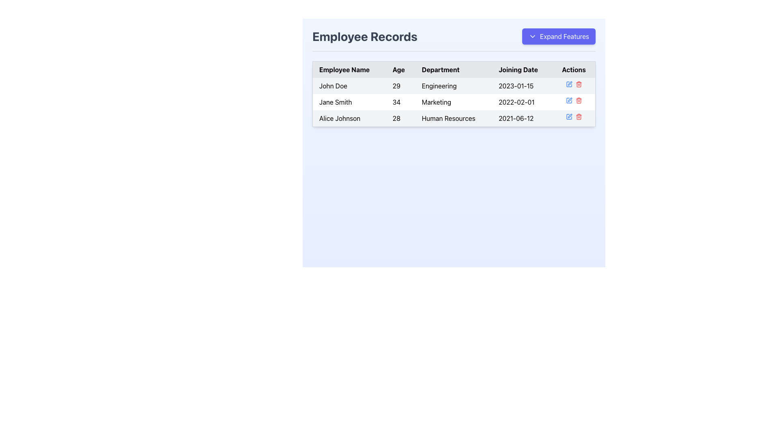 This screenshot has width=779, height=438. Describe the element at coordinates (564, 36) in the screenshot. I see `text 'Expand Features' displayed in white font on a deep blue background, located in the top-right section of the interface next to a dropdown arrow` at that location.